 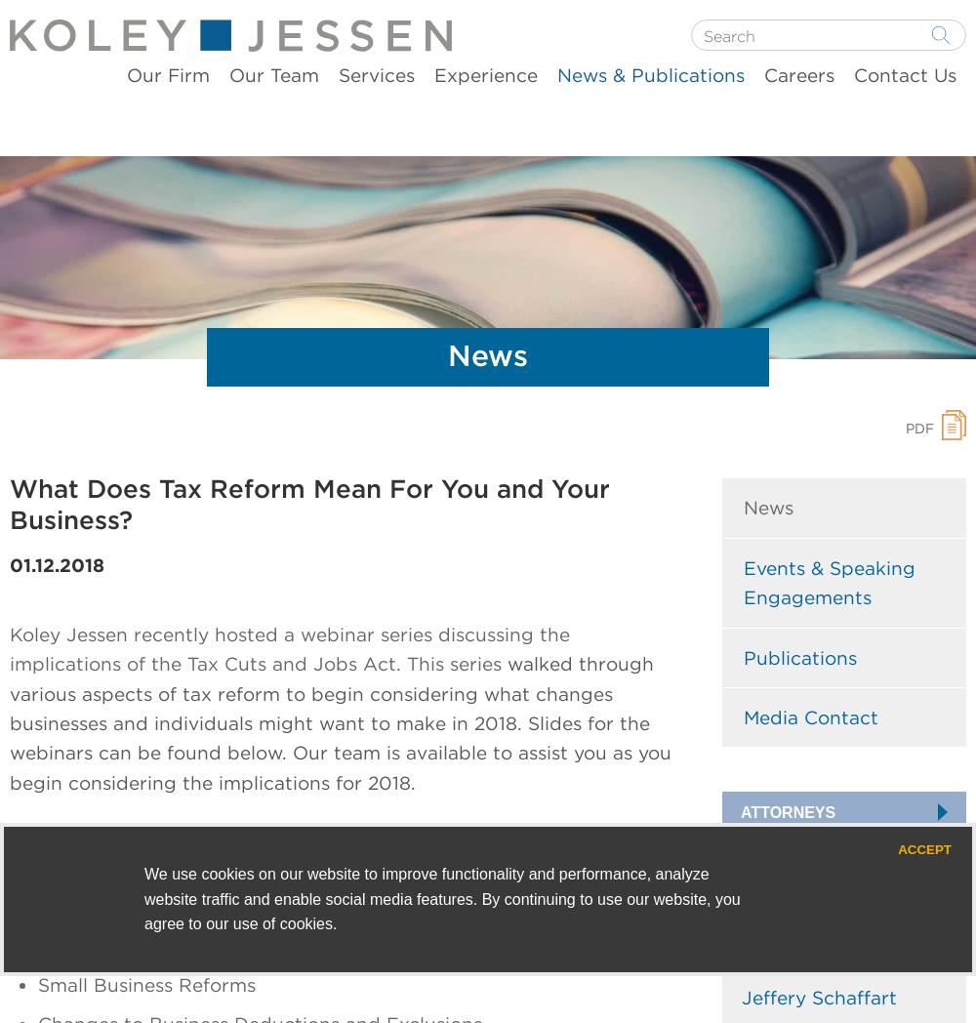 What do you see at coordinates (10, 721) in the screenshot?
I see `'walked through various aspects of tax reform to begin considering what changes businesses and individuals might want to make in 2018. Slides for the webinars can be found below. Our team is available to assist you as you begin considering the implications for 2018.'` at bounding box center [10, 721].